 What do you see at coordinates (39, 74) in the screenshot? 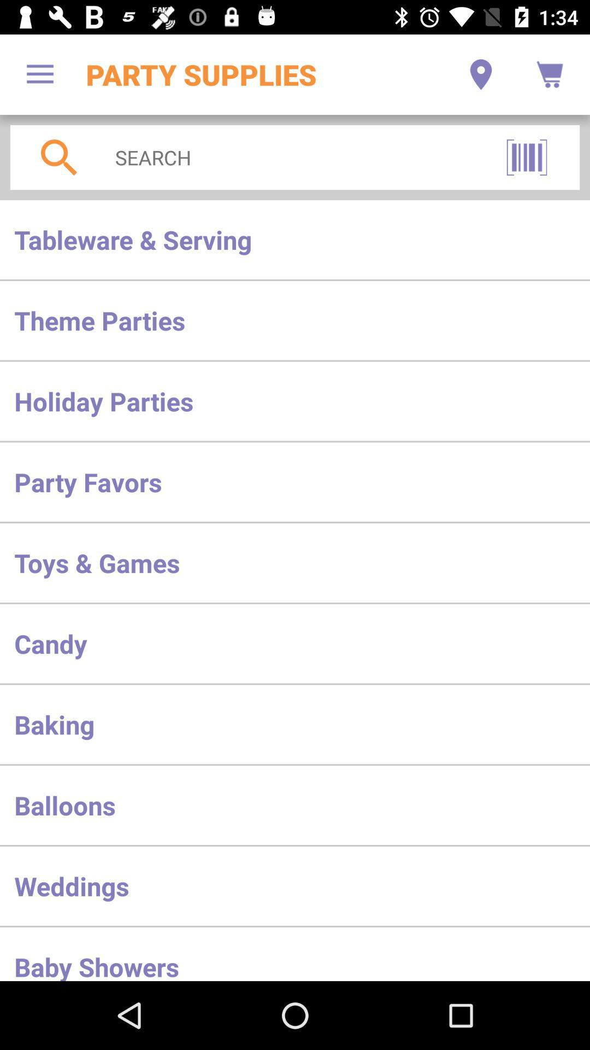
I see `the item next to the party supplies item` at bounding box center [39, 74].